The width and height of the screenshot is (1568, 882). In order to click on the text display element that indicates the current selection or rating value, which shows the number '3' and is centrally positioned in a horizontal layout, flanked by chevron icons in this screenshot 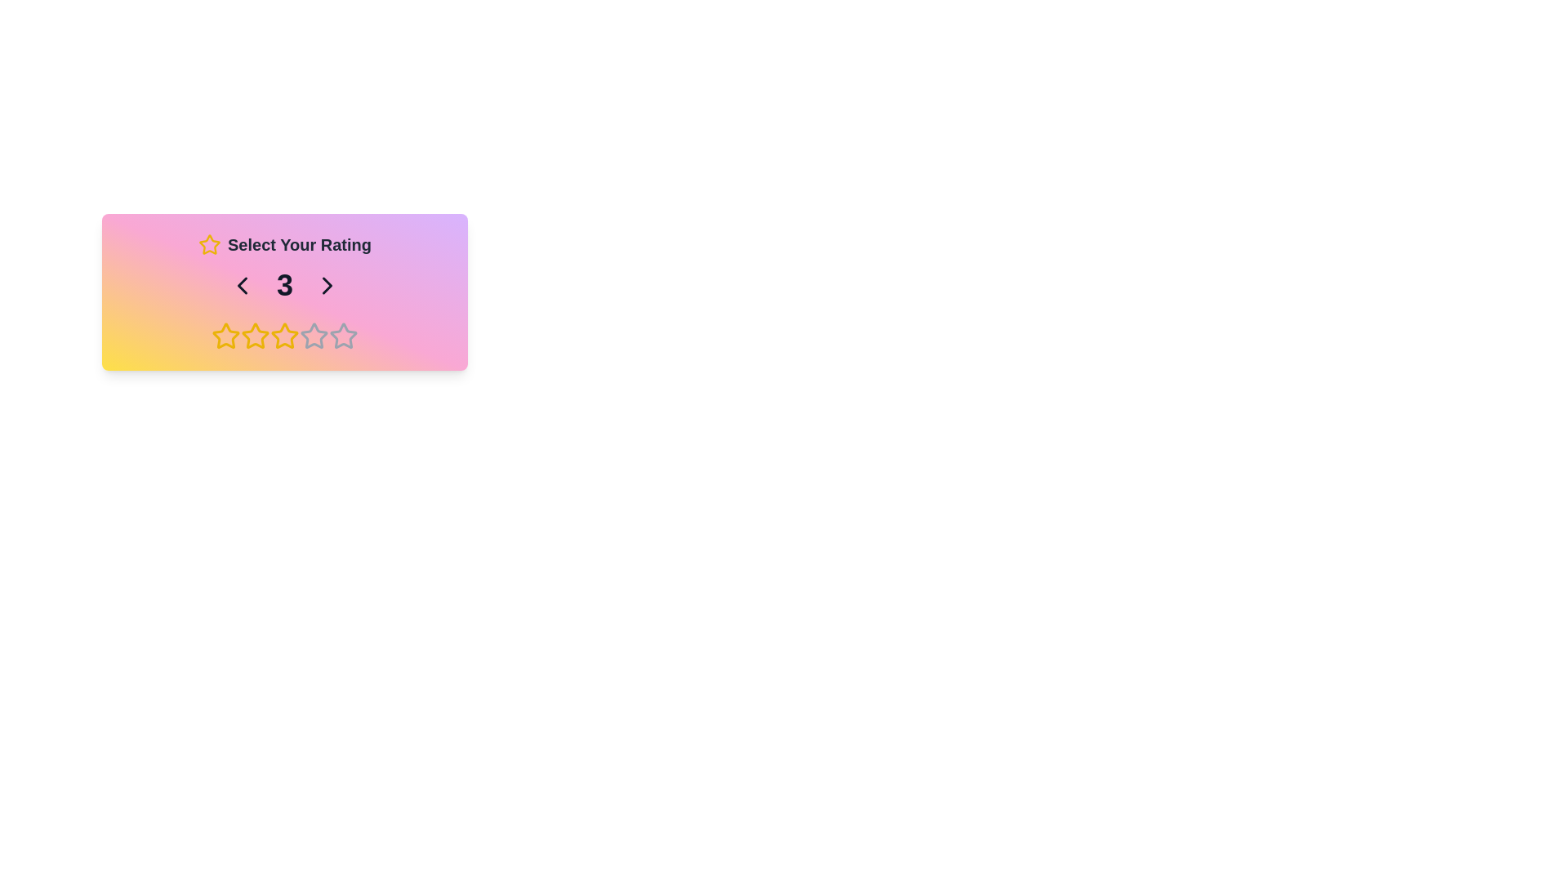, I will do `click(285, 285)`.